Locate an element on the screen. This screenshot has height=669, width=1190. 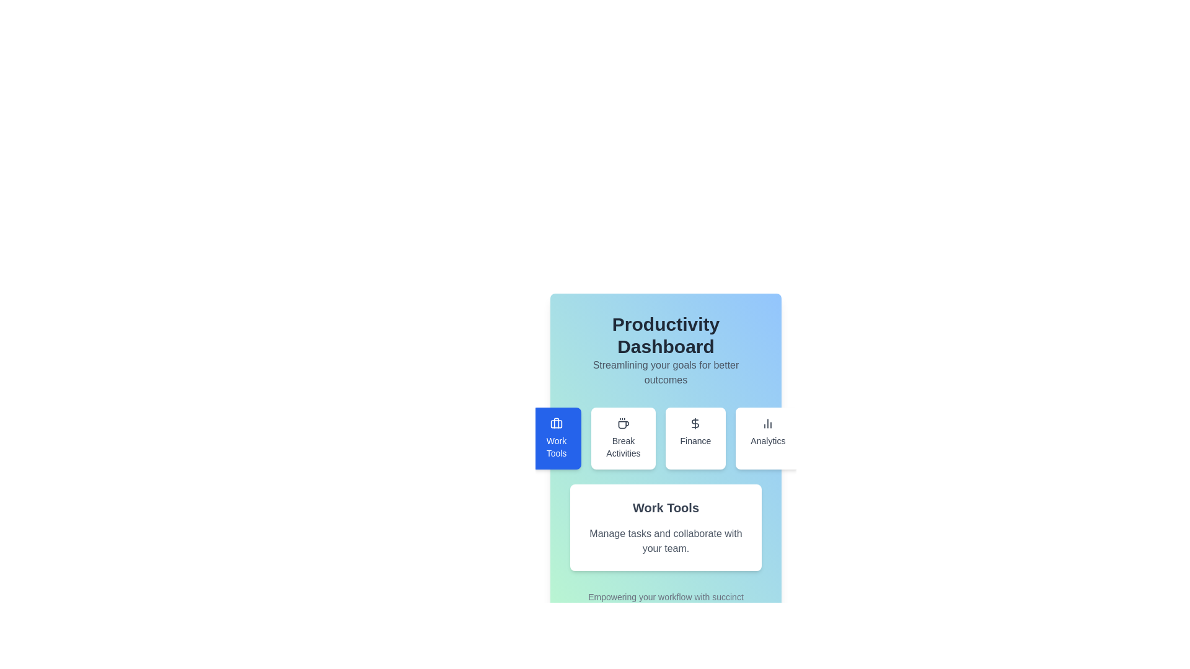
the tab labeled Finance to view its content is located at coordinates (695, 438).